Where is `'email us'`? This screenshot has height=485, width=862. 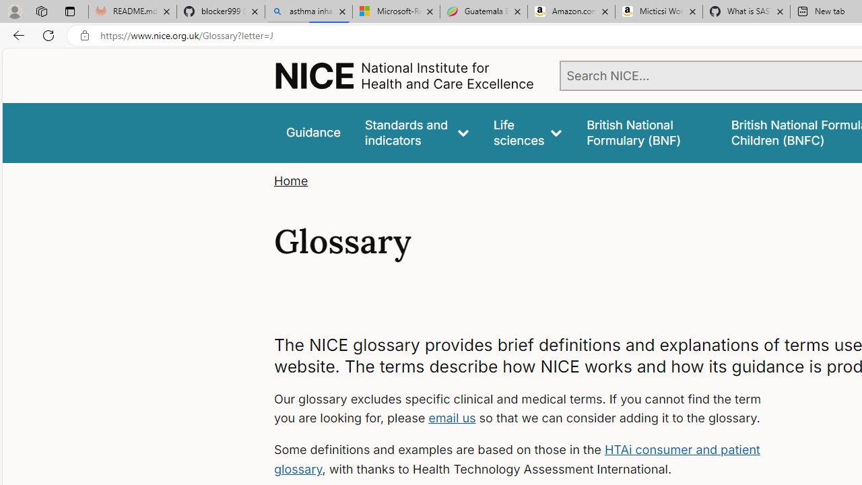
'email us' is located at coordinates (452, 418).